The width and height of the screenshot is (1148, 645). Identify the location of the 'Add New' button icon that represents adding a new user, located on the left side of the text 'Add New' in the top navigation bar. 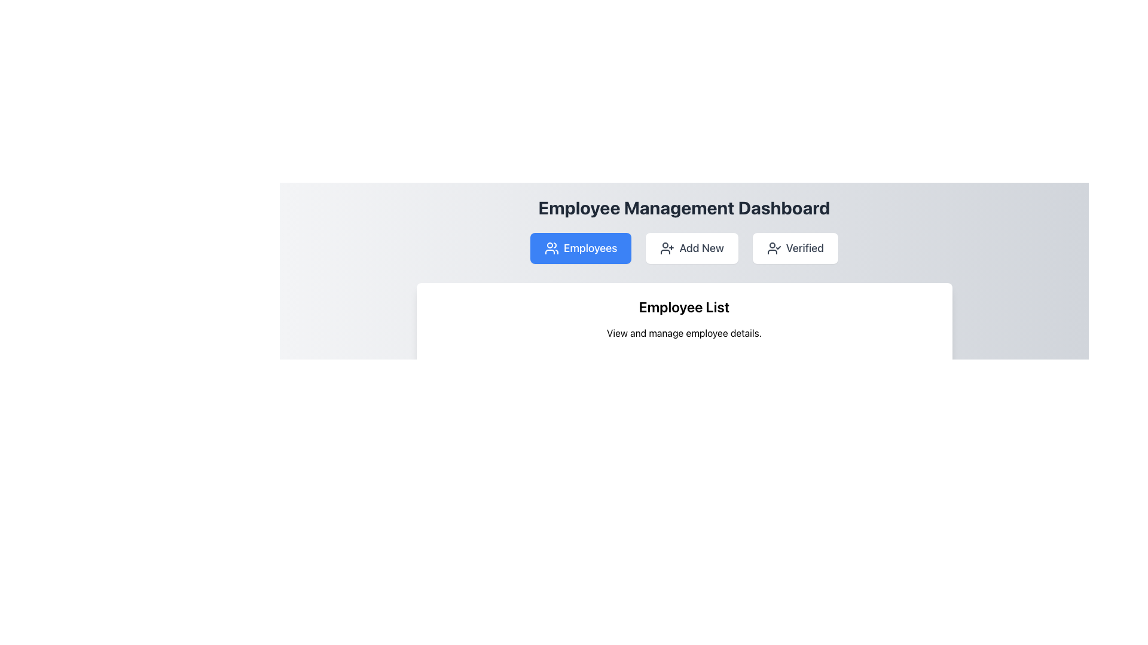
(667, 248).